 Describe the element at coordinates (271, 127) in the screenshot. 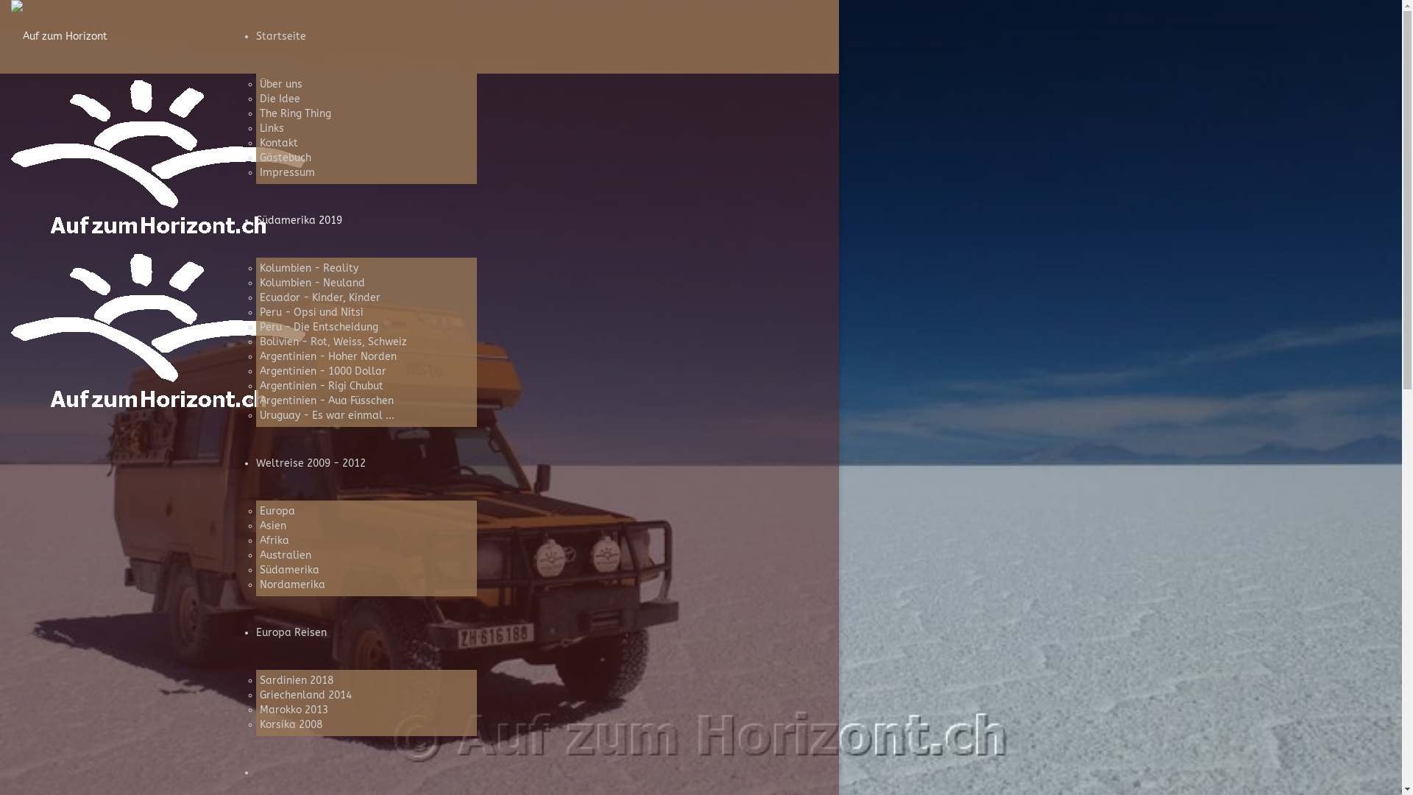

I see `'Links'` at that location.